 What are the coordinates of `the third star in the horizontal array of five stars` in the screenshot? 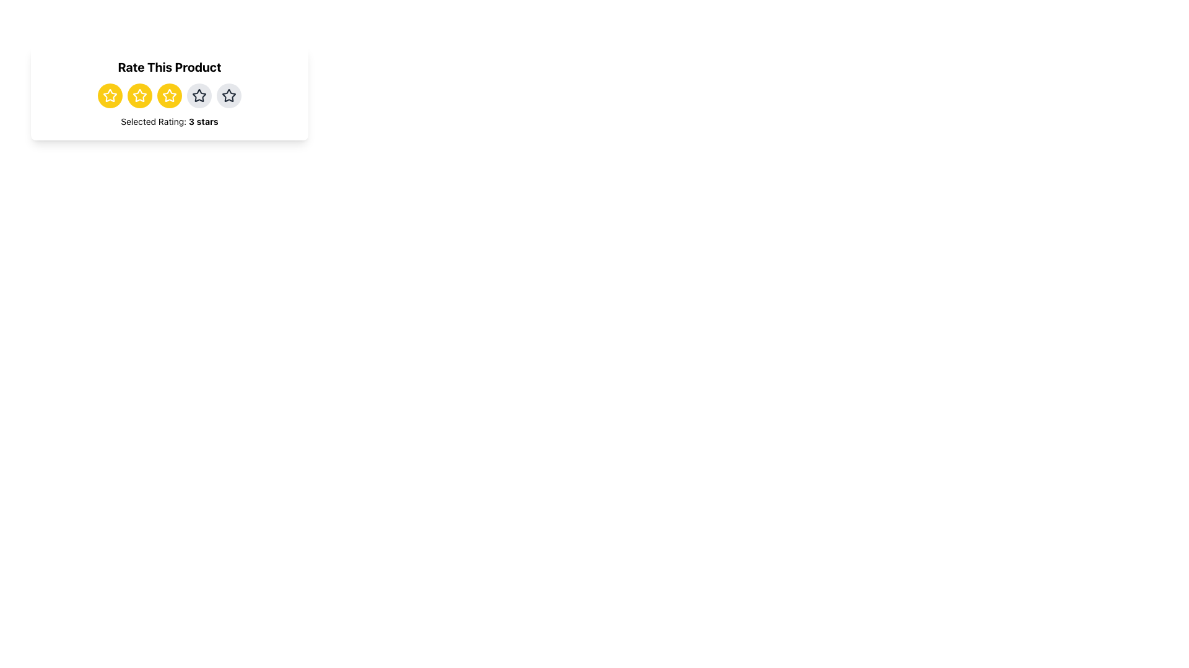 It's located at (229, 95).